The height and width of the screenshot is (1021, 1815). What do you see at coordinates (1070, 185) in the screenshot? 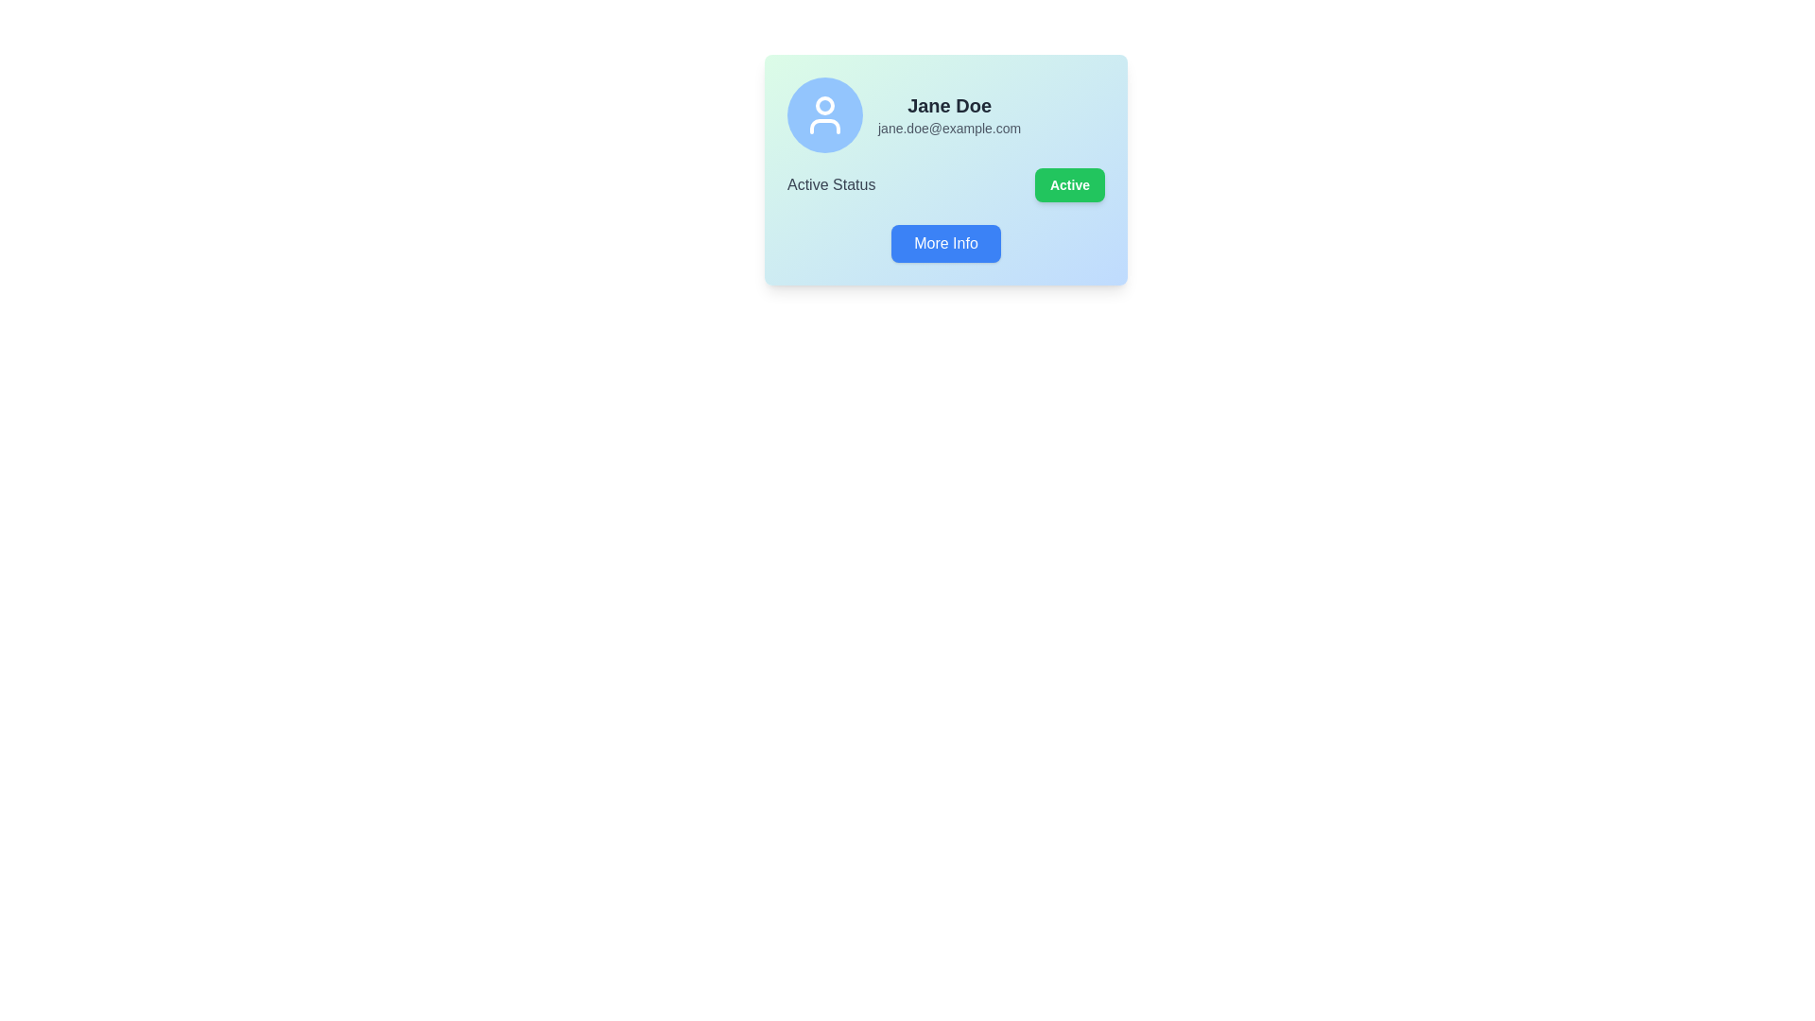
I see `the 'Active' button located to the right of the 'Active Status' text within the user details card` at bounding box center [1070, 185].